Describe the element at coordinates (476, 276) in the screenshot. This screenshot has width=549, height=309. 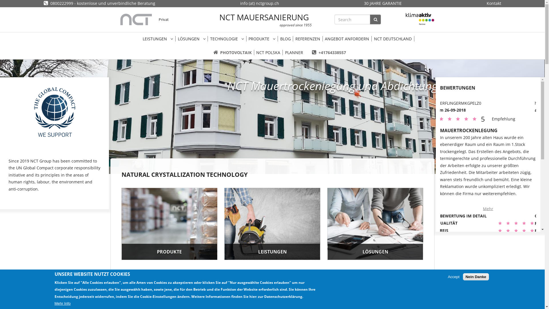
I see `'Nein Danke'` at that location.